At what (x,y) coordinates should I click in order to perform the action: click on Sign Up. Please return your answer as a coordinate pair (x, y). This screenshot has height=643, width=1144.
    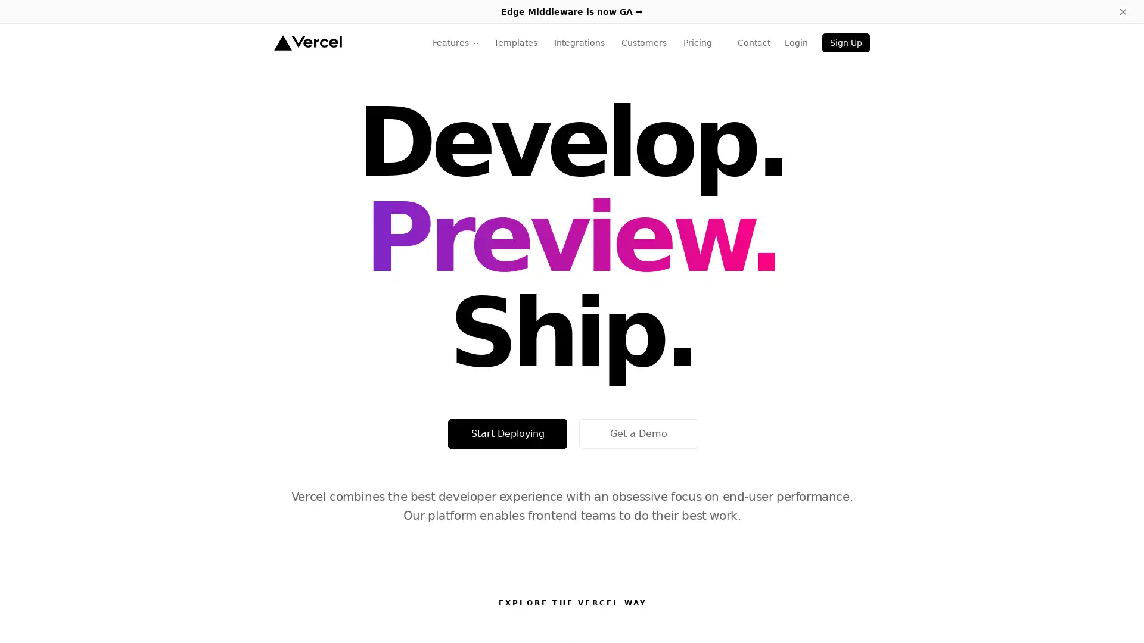
    Looking at the image, I should click on (845, 42).